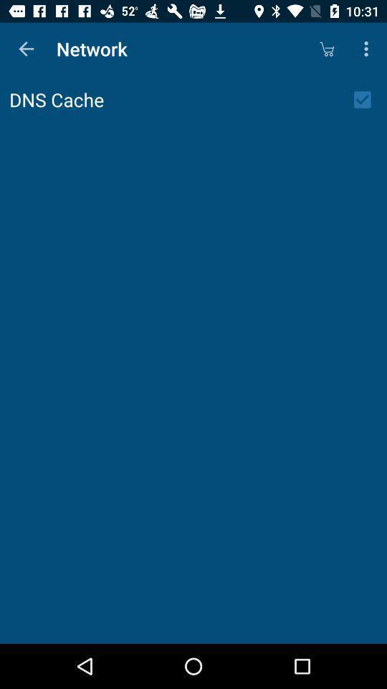  Describe the element at coordinates (367, 99) in the screenshot. I see `icon next to the dns cache item` at that location.